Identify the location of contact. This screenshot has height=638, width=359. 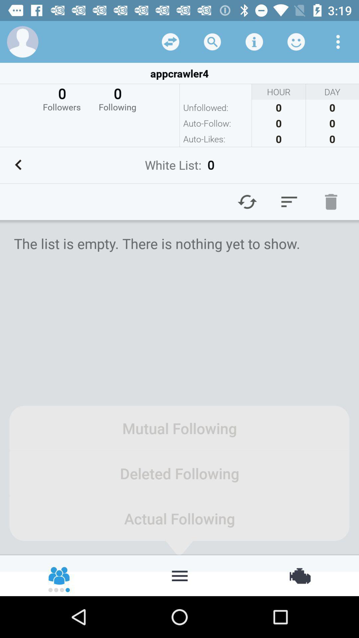
(59, 575).